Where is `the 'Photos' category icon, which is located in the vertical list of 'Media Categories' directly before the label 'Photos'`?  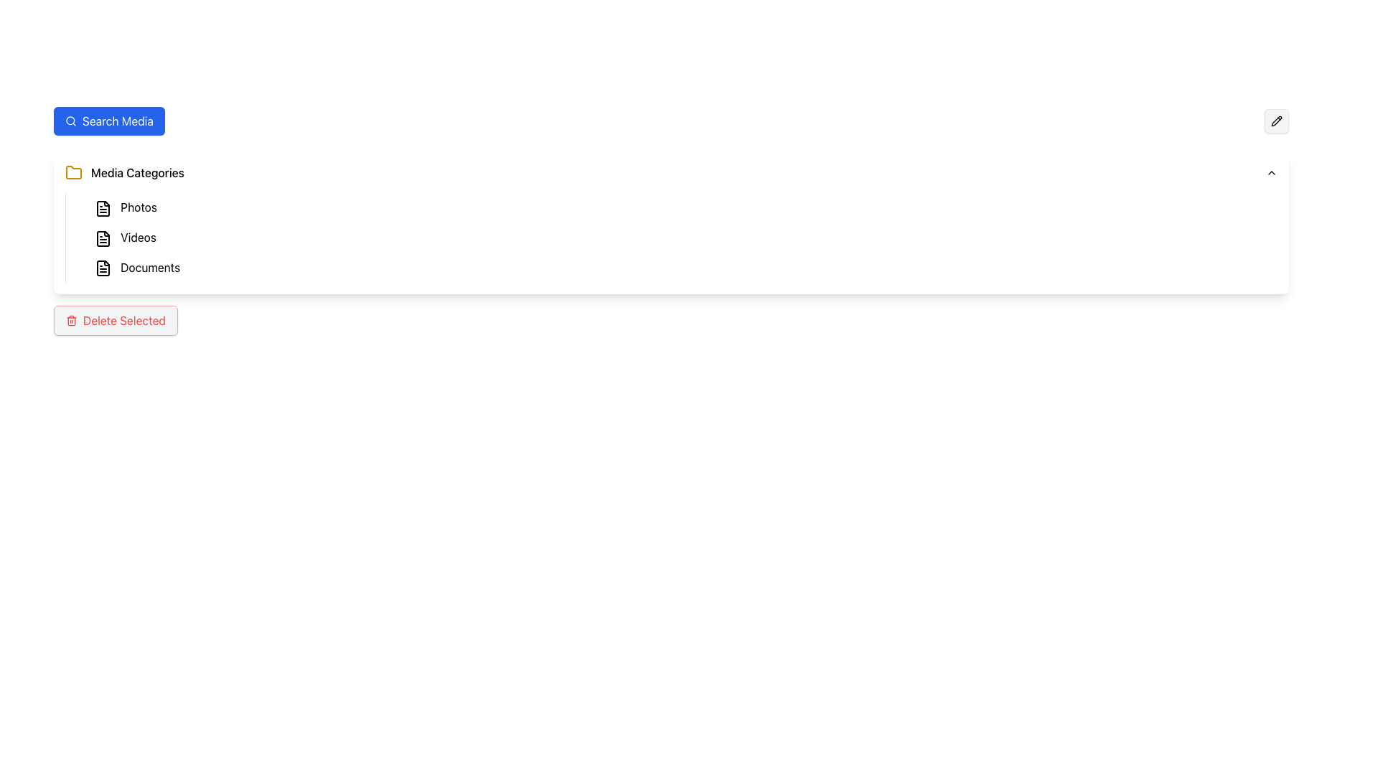 the 'Photos' category icon, which is located in the vertical list of 'Media Categories' directly before the label 'Photos' is located at coordinates (103, 207).